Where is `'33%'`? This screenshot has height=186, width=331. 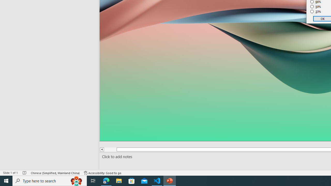 '33%' is located at coordinates (315, 12).